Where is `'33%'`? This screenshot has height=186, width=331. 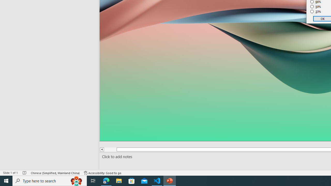 '33%' is located at coordinates (315, 12).